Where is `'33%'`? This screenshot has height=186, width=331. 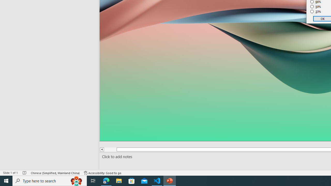 '33%' is located at coordinates (315, 12).